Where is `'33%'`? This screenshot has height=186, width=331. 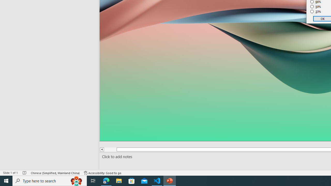 '33%' is located at coordinates (315, 12).